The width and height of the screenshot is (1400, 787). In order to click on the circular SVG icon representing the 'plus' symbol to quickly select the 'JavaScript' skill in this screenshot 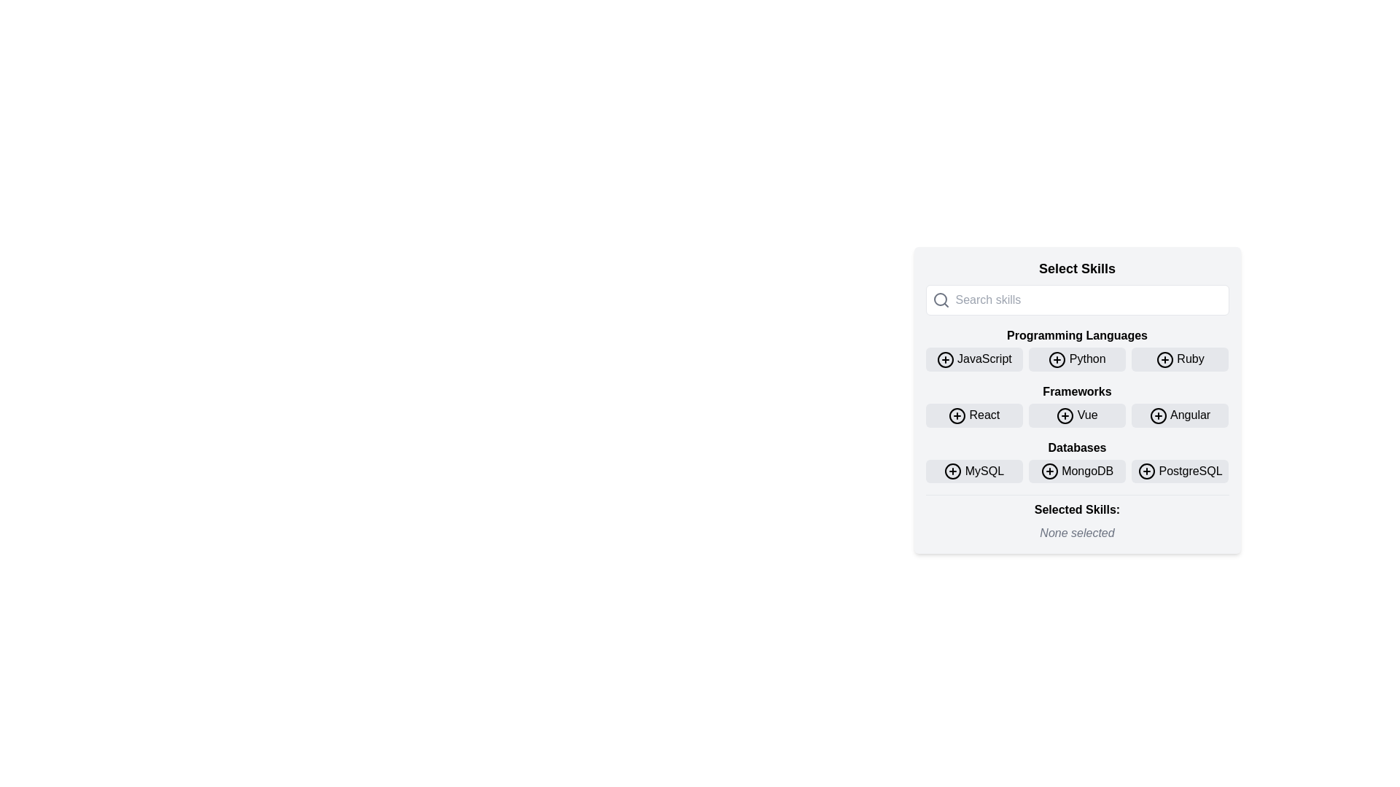, I will do `click(945, 359)`.